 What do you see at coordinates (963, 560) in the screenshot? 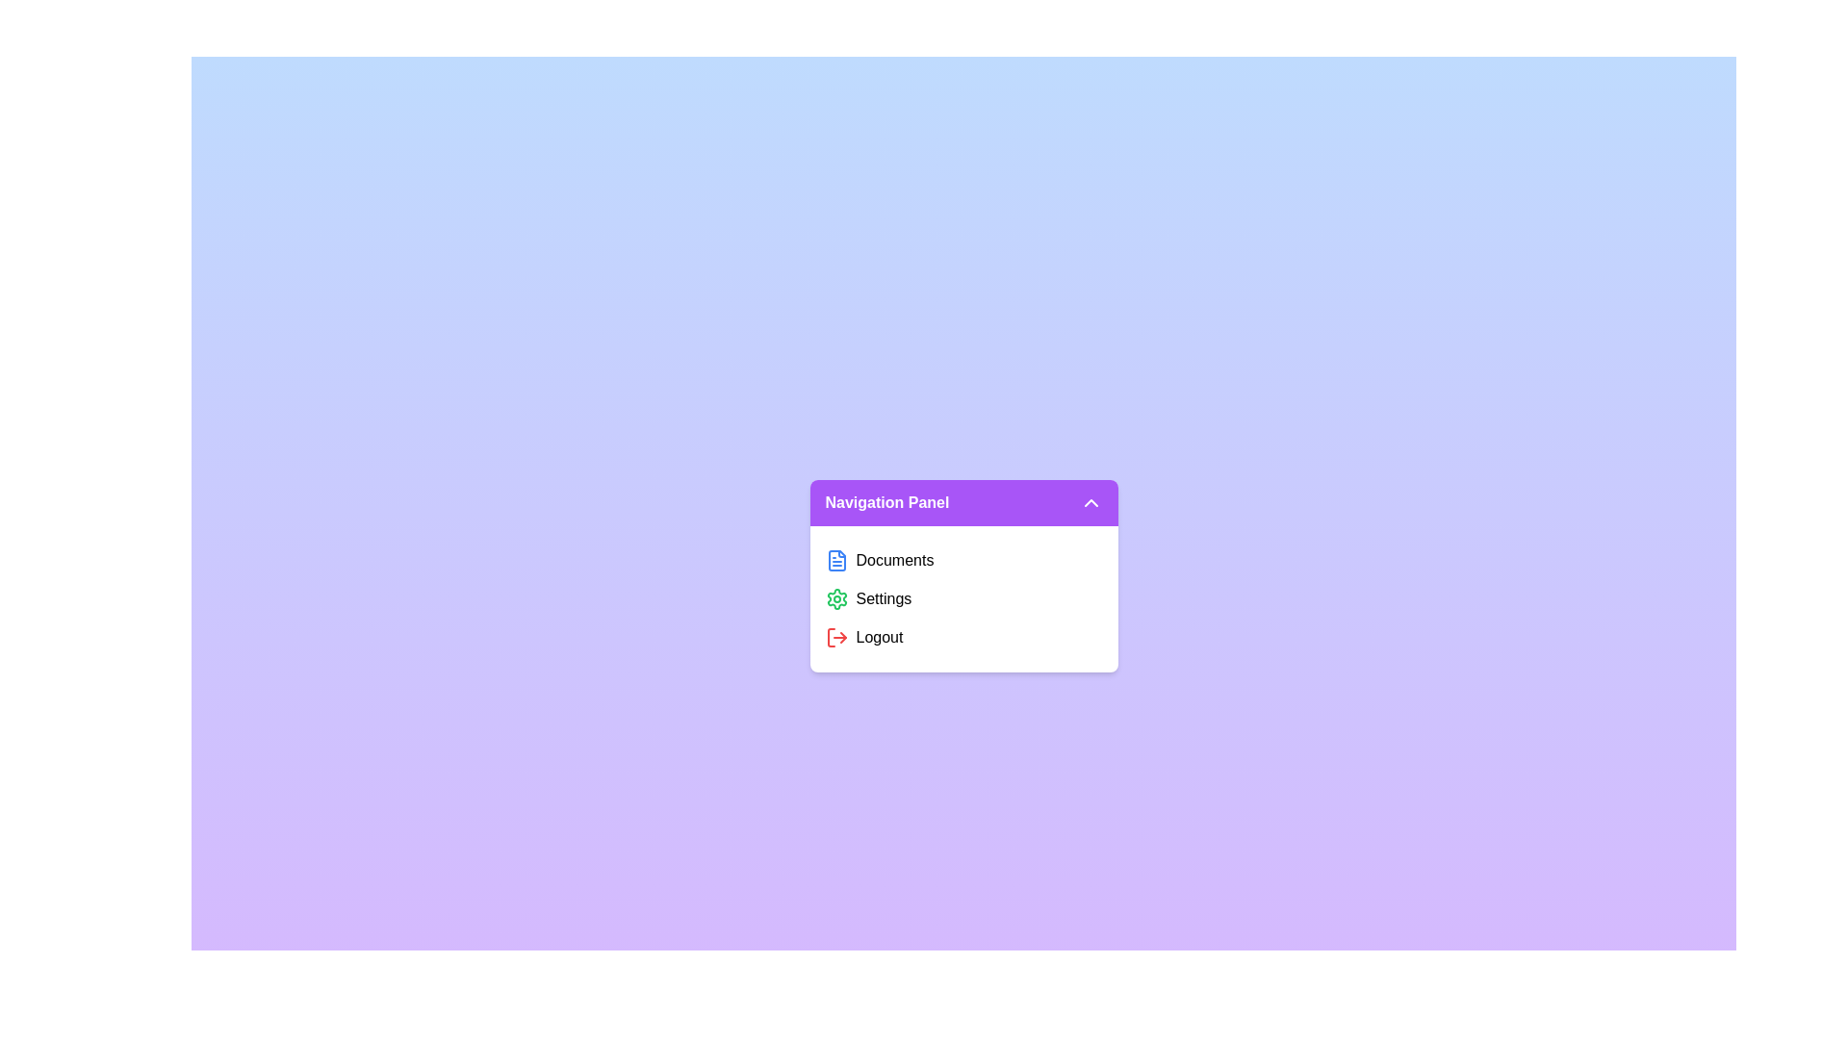
I see `the 'Documents' button to view documents` at bounding box center [963, 560].